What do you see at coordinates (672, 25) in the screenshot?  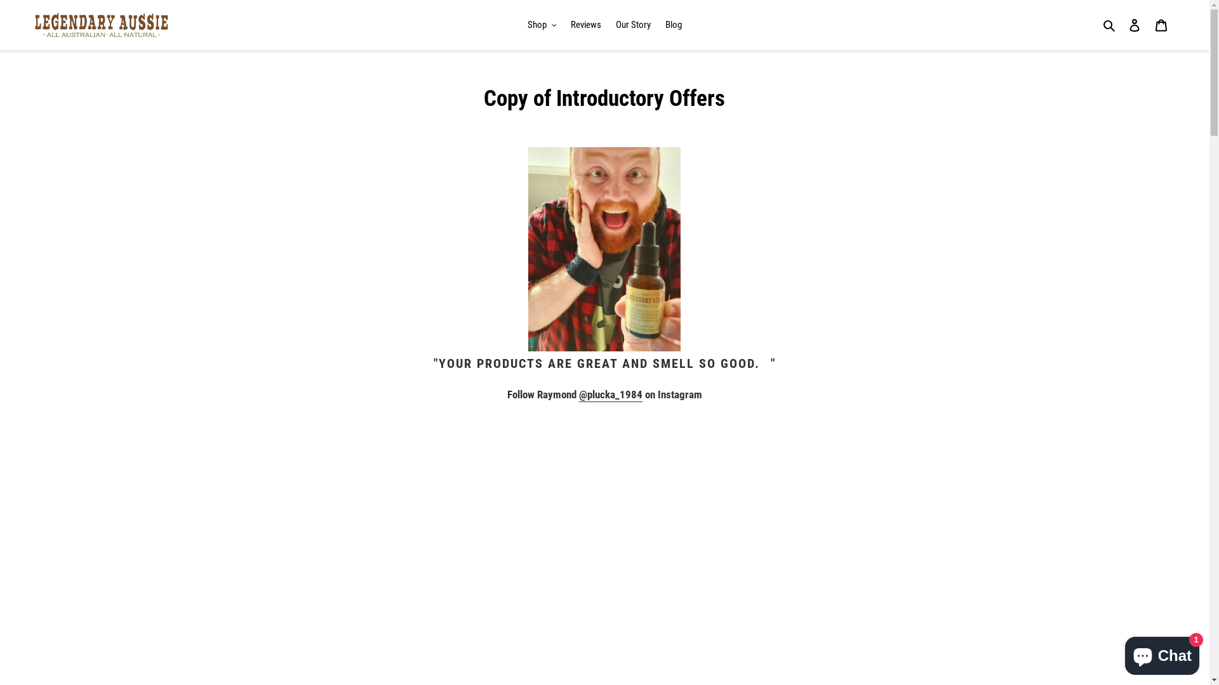 I see `'Blog'` at bounding box center [672, 25].